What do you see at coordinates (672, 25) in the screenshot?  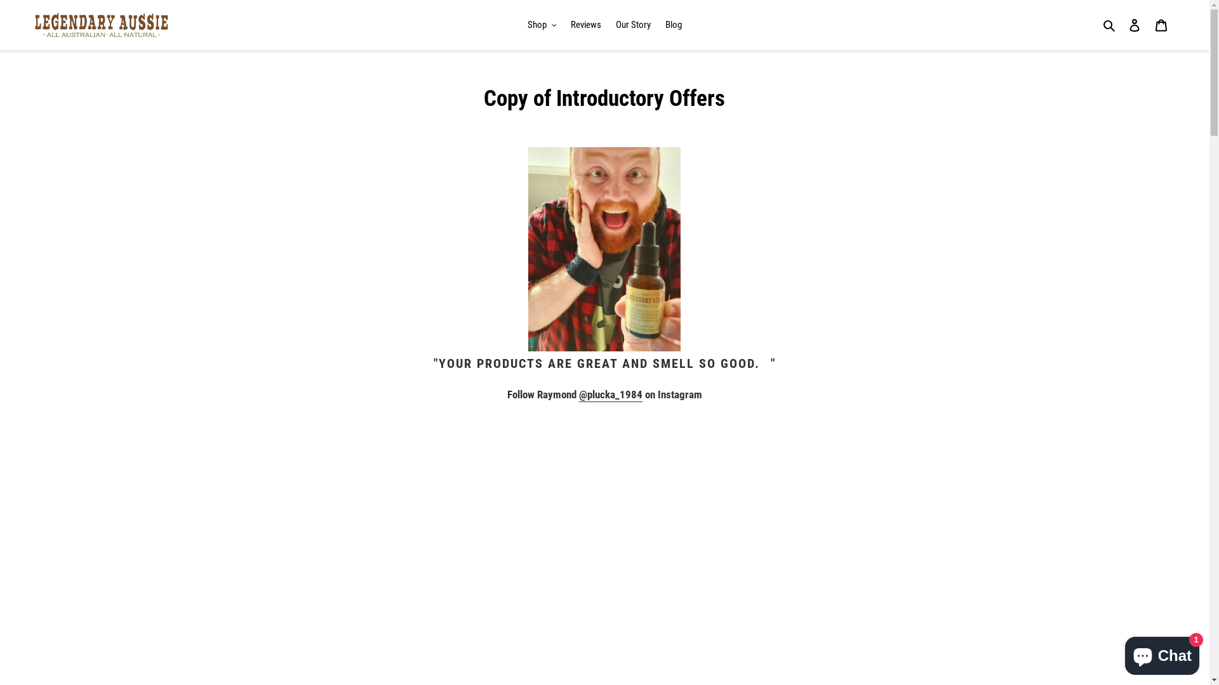 I see `'Blog'` at bounding box center [672, 25].